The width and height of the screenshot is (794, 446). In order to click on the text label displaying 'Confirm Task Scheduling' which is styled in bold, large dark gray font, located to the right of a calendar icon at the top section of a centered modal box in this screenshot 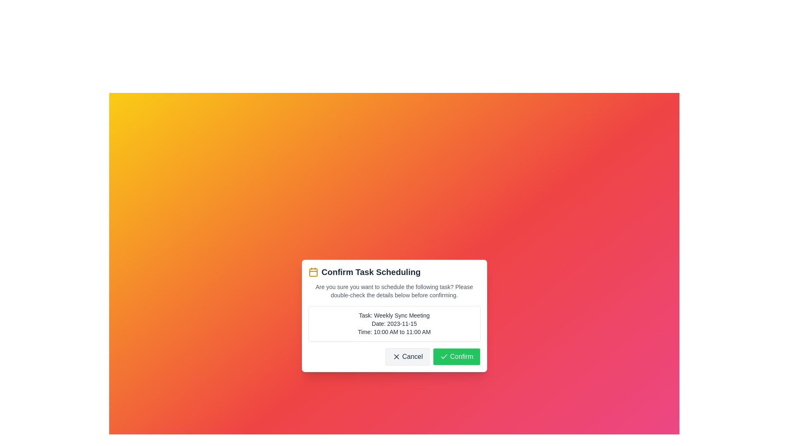, I will do `click(371, 272)`.